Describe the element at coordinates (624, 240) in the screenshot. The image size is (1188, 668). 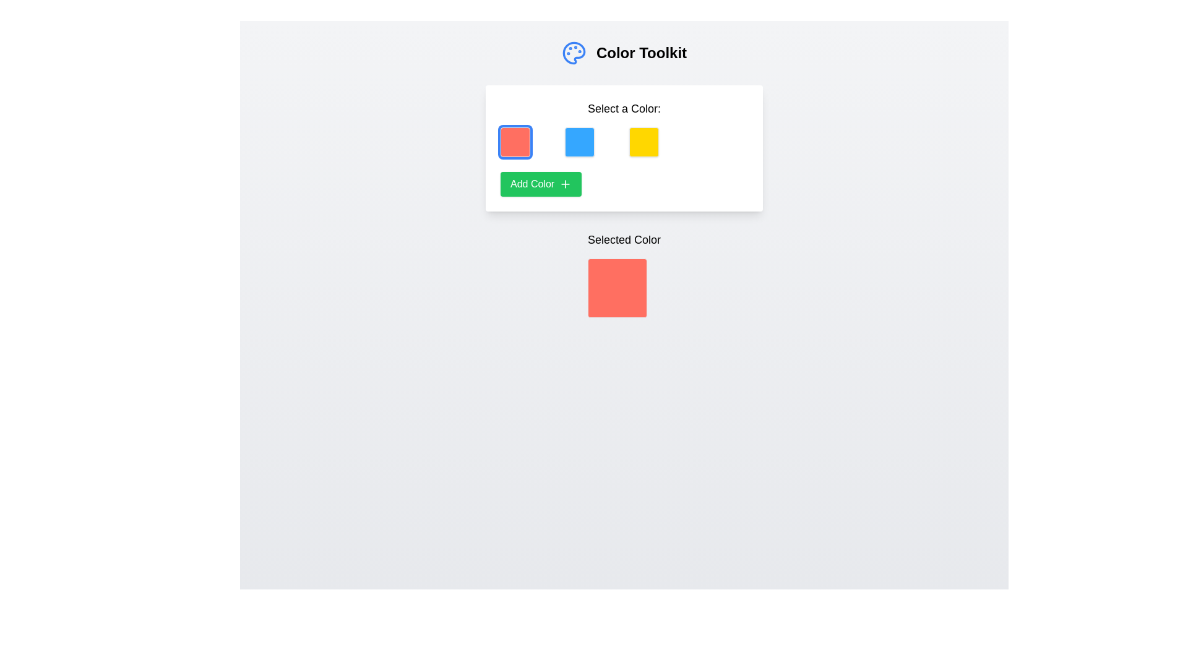
I see `the centrally aligned text label that describes the color block displayed below it` at that location.